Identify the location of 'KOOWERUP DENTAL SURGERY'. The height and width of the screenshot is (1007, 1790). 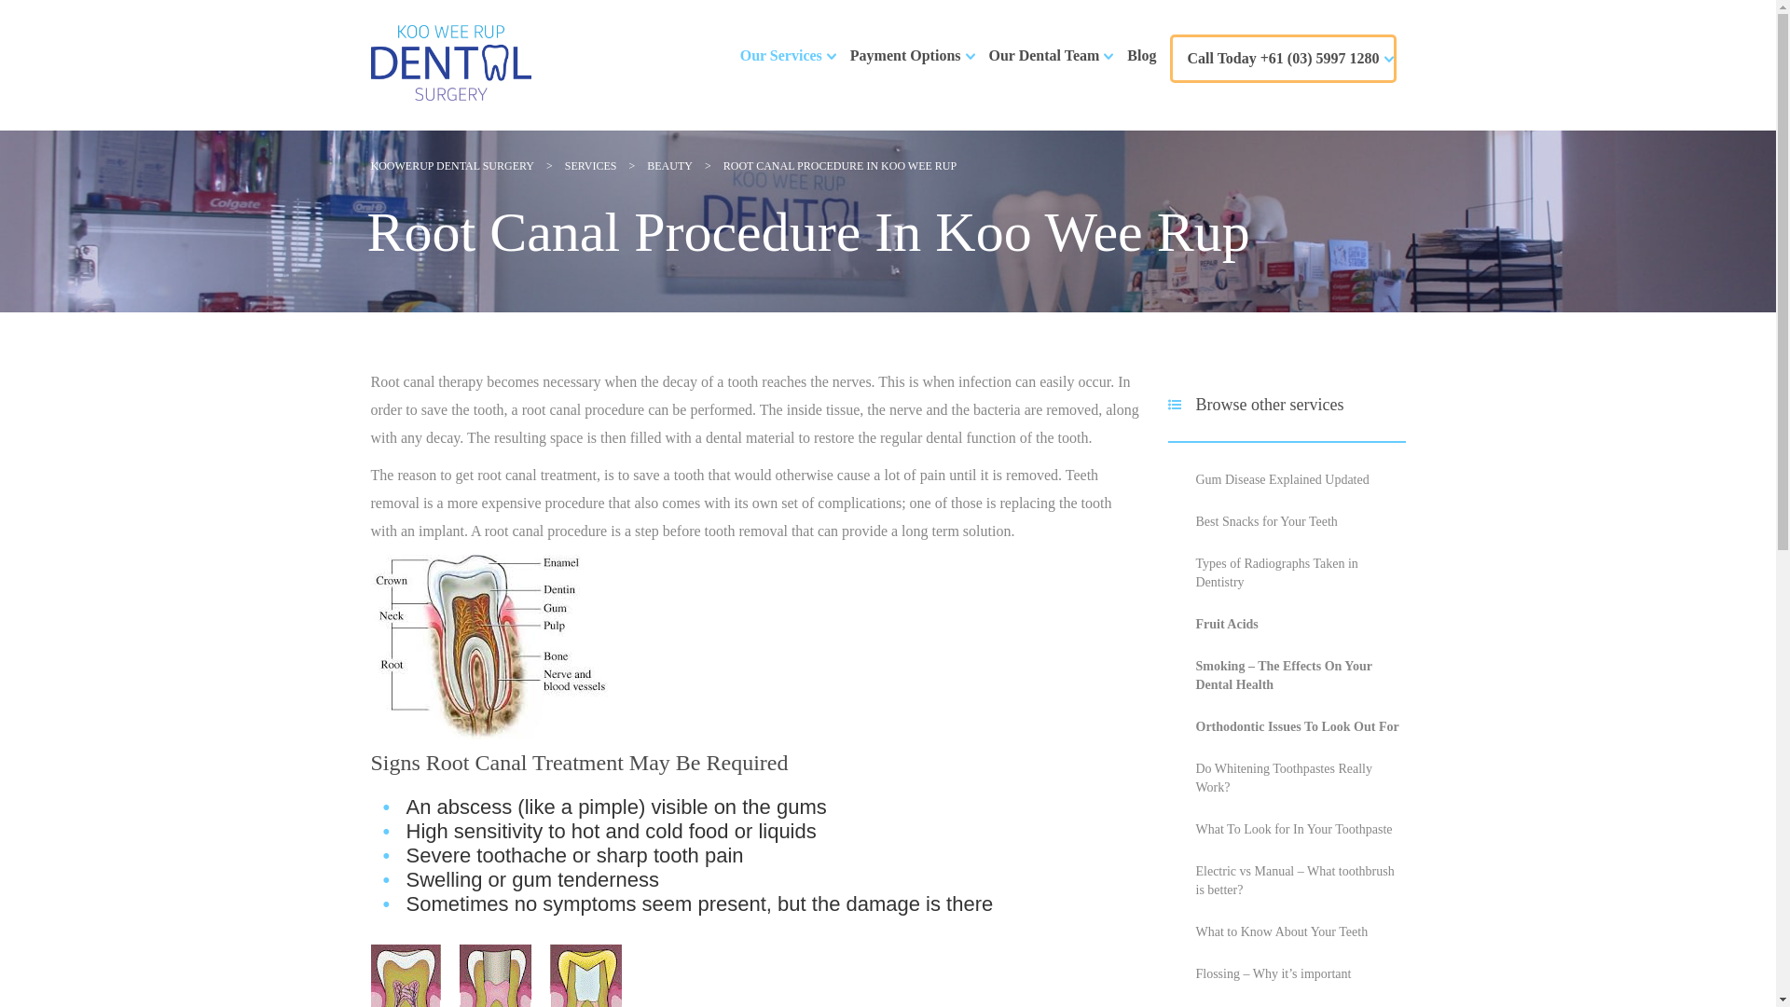
(452, 164).